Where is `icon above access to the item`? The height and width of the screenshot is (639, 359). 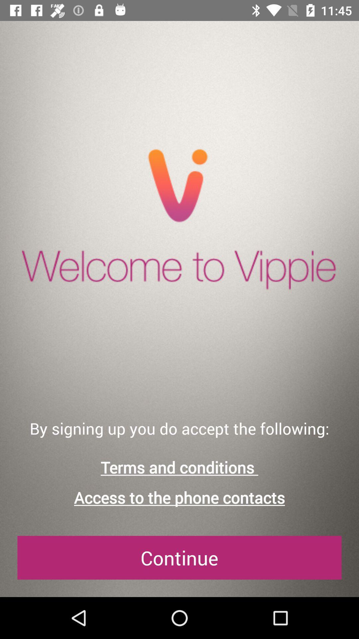
icon above access to the item is located at coordinates (179, 467).